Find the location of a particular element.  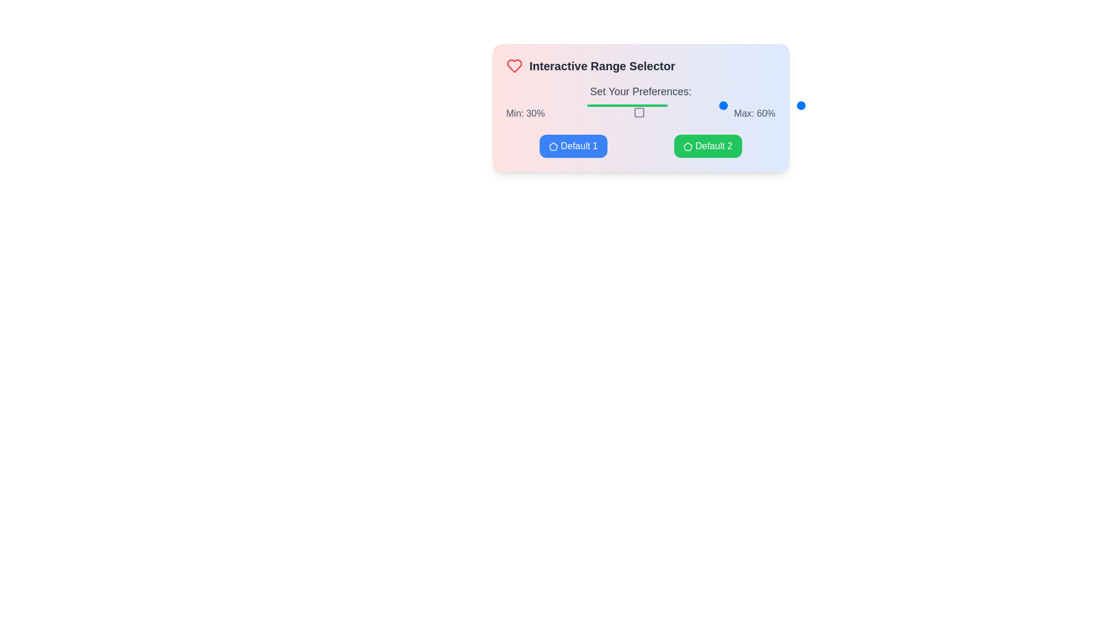

the heart icon that signifies a 'like' or 'favorite' function, located to the left of the title text 'Interactive Range Selector' is located at coordinates (513, 66).